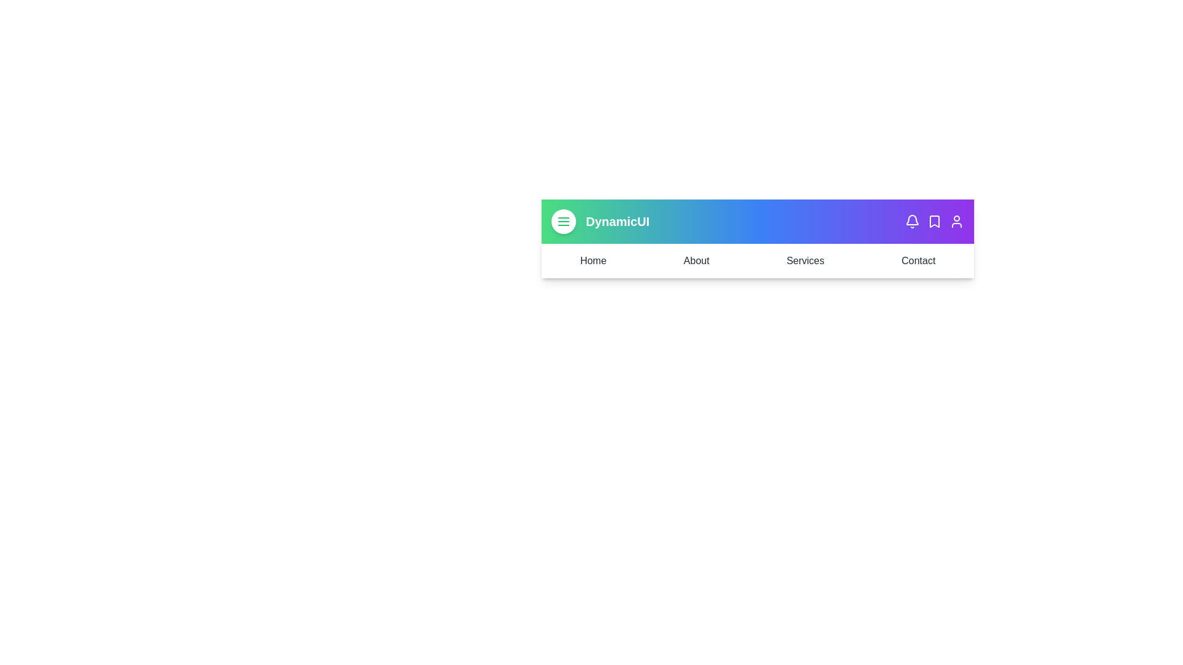 Image resolution: width=1183 pixels, height=665 pixels. What do you see at coordinates (918, 260) in the screenshot?
I see `the menu link labeled Contact` at bounding box center [918, 260].